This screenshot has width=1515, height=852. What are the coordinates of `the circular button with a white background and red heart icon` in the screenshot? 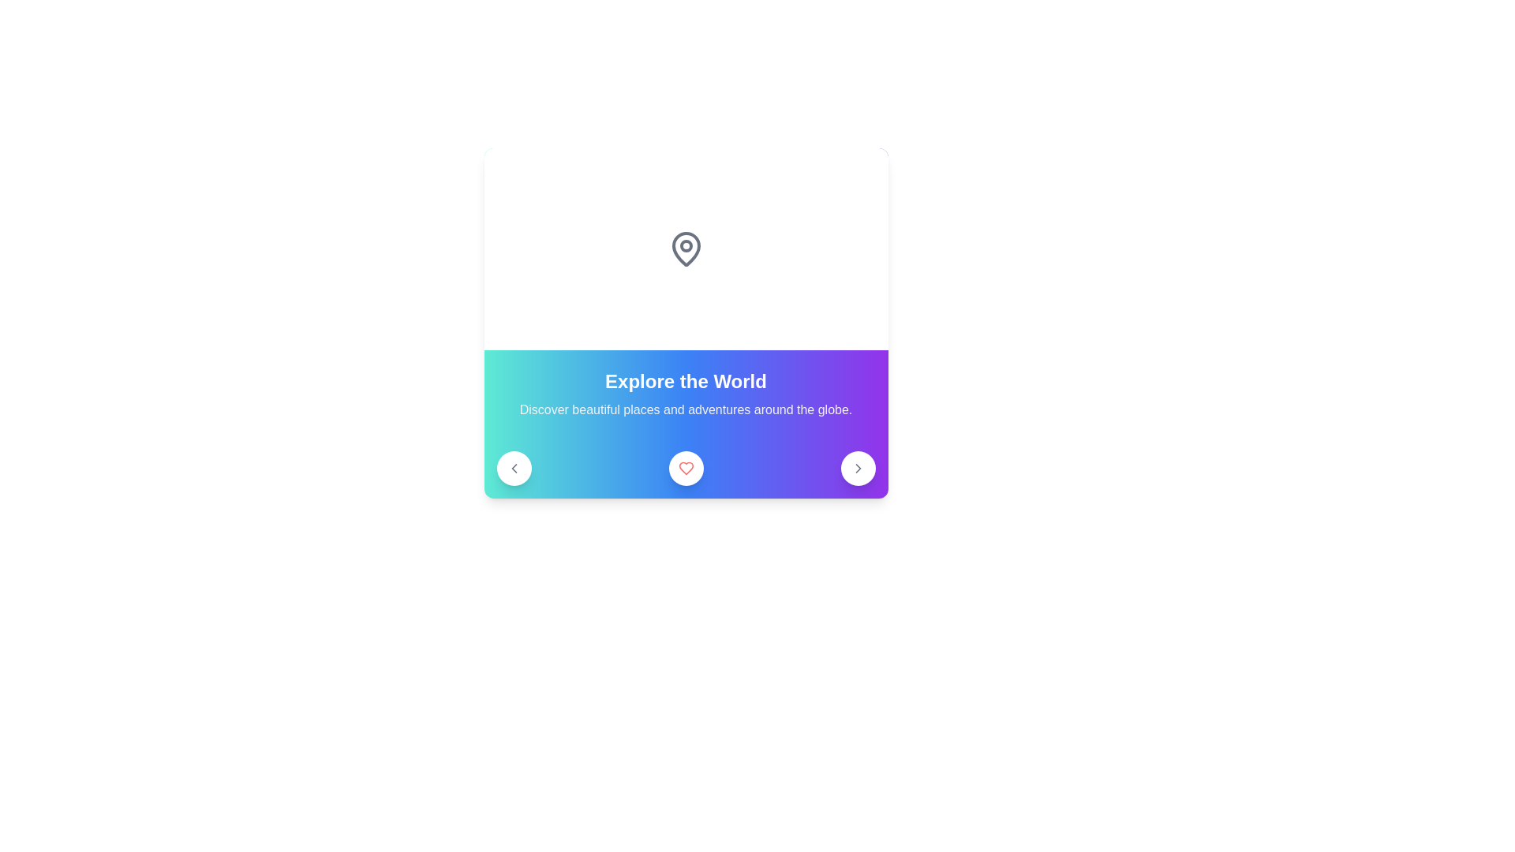 It's located at (686, 468).